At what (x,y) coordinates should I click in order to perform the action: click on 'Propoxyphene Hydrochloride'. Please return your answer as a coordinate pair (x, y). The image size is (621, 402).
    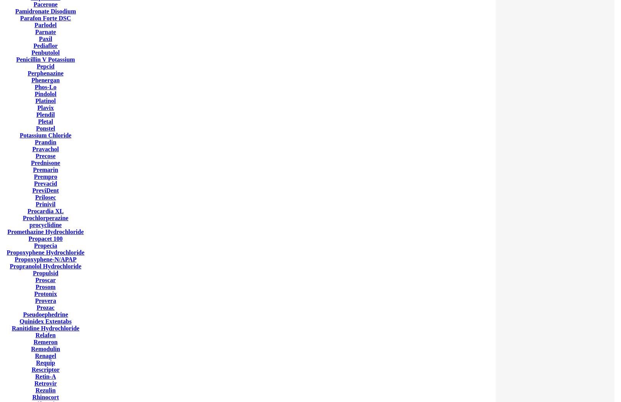
    Looking at the image, I should click on (45, 252).